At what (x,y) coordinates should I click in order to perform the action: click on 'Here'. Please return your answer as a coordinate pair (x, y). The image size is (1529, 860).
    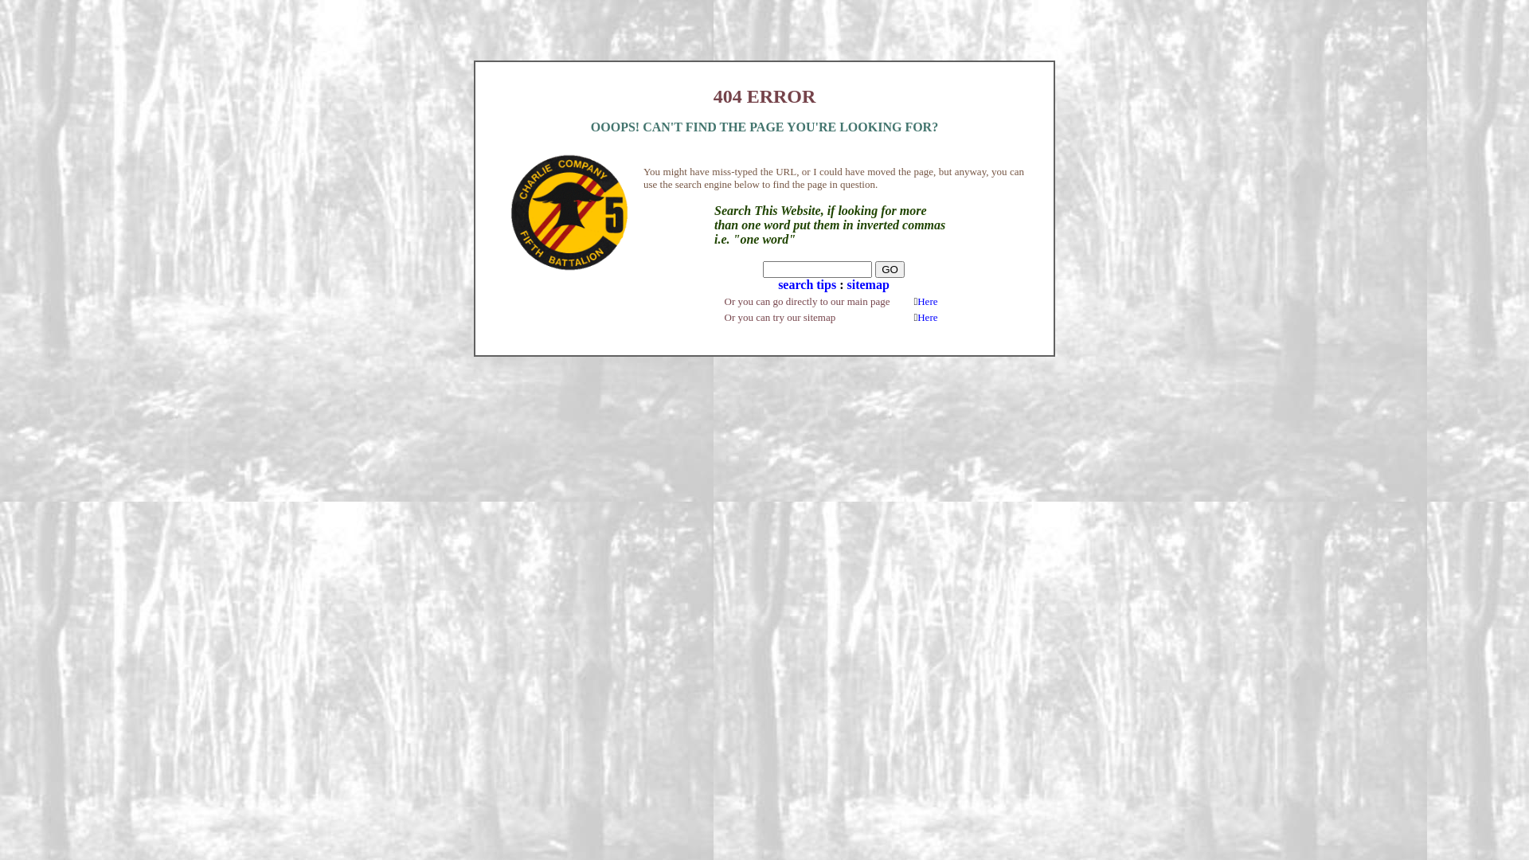
    Looking at the image, I should click on (927, 301).